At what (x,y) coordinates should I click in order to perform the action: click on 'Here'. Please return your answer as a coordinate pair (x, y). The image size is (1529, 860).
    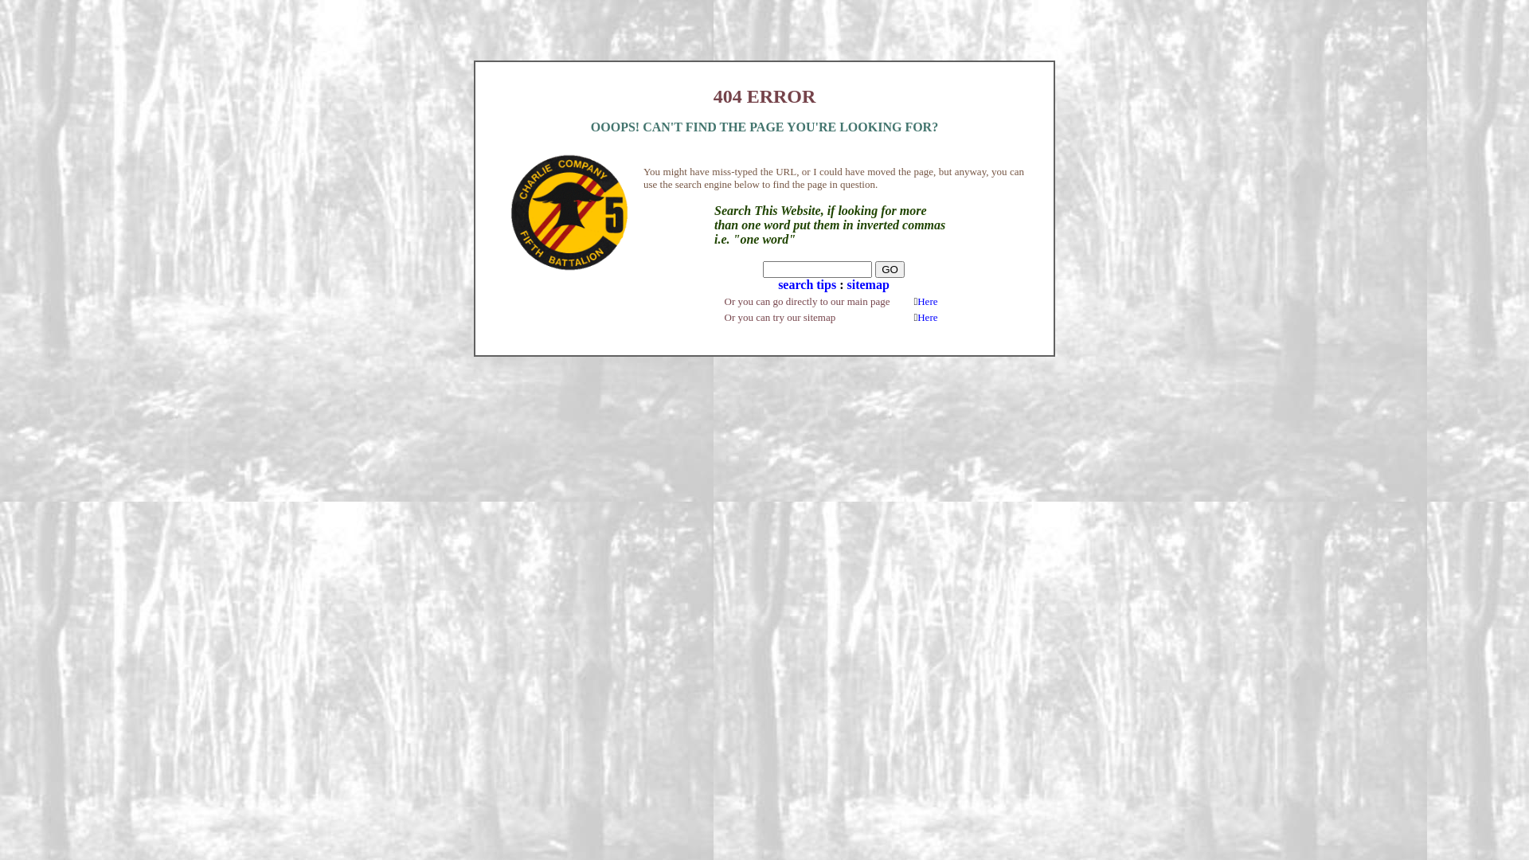
    Looking at the image, I should click on (927, 301).